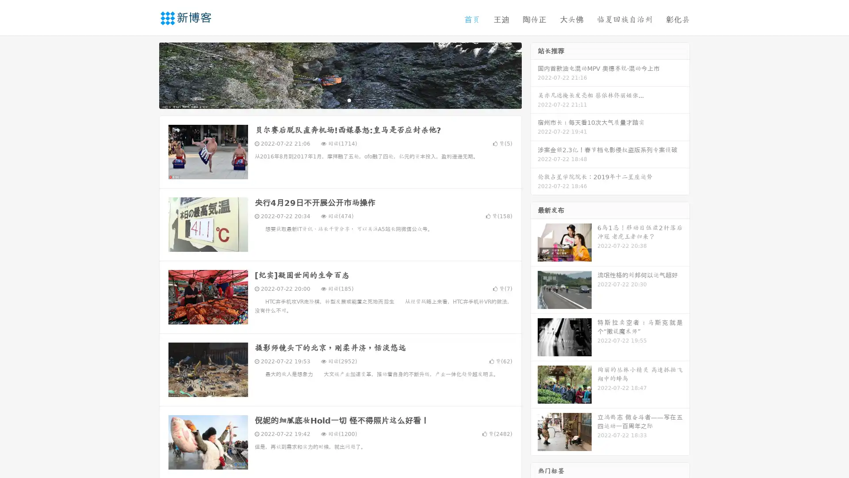 The width and height of the screenshot is (849, 478). I want to click on Previous slide, so click(146, 74).